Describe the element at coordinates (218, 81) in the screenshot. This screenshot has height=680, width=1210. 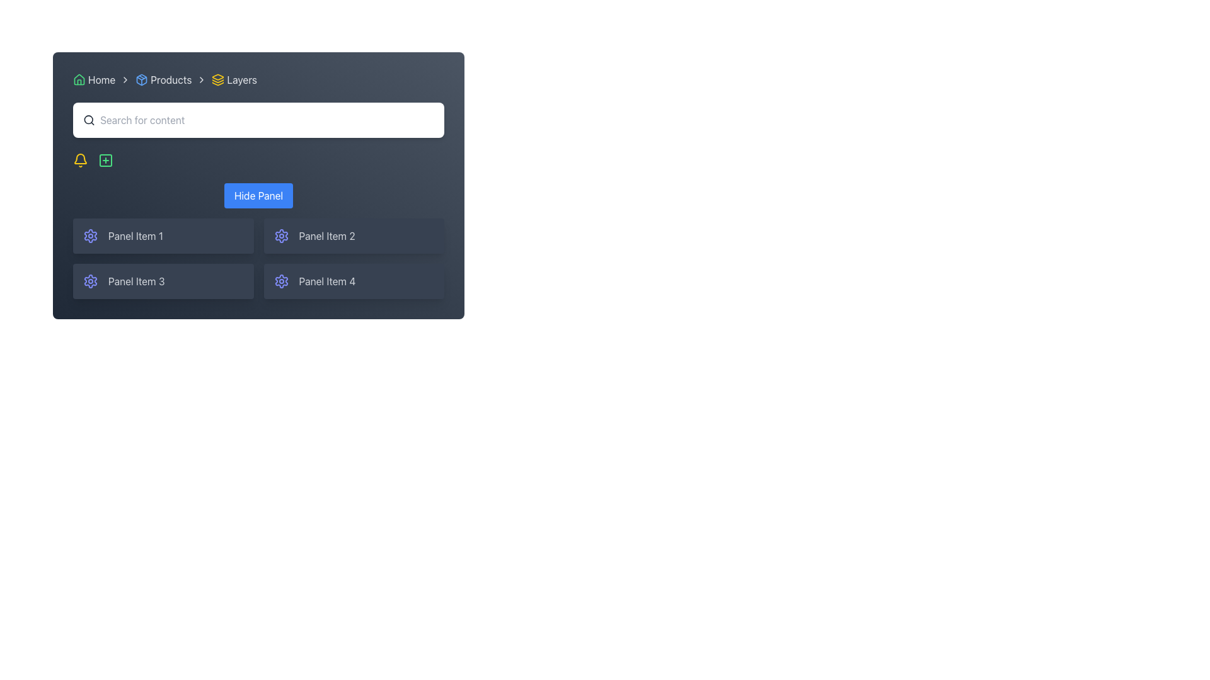
I see `the middle segment of the three-layered stack icon in the navigation header next to the label 'Layers'` at that location.